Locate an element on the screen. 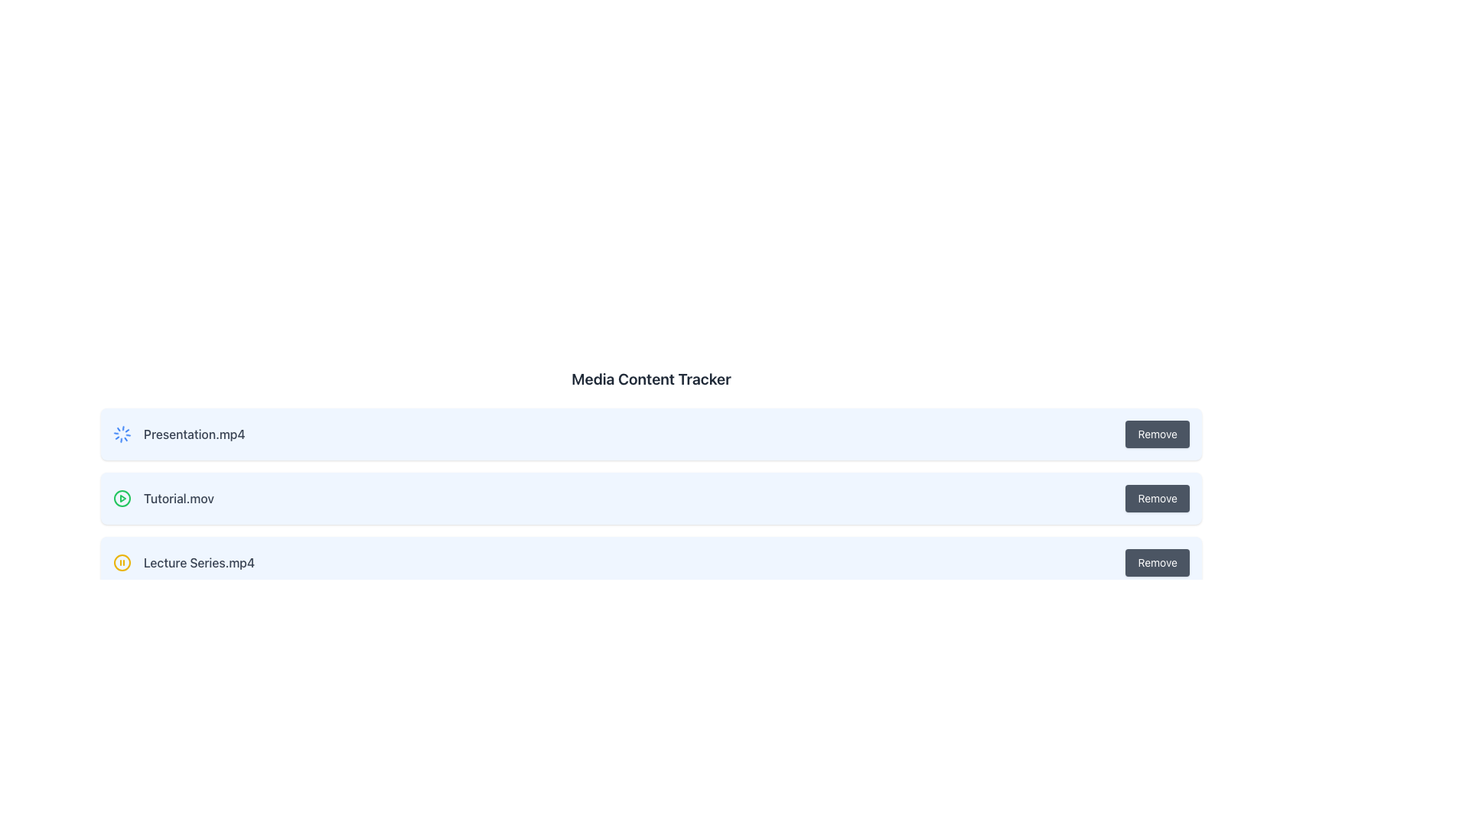  the text label displaying 'Presentation.mp4' in the first row of the media list, which is located between a spinning loader icon and a 'Remove' button is located at coordinates (194, 434).